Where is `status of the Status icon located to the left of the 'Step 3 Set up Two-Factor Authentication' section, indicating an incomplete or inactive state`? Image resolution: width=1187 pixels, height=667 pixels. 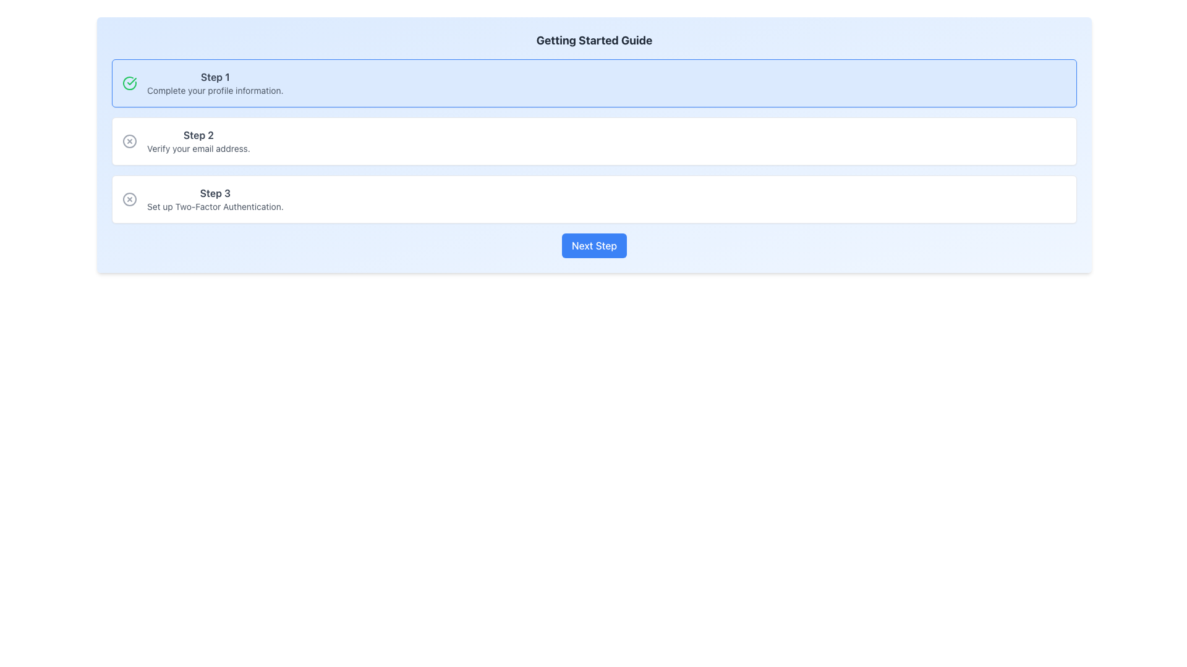 status of the Status icon located to the left of the 'Step 3 Set up Two-Factor Authentication' section, indicating an incomplete or inactive state is located at coordinates (130, 199).